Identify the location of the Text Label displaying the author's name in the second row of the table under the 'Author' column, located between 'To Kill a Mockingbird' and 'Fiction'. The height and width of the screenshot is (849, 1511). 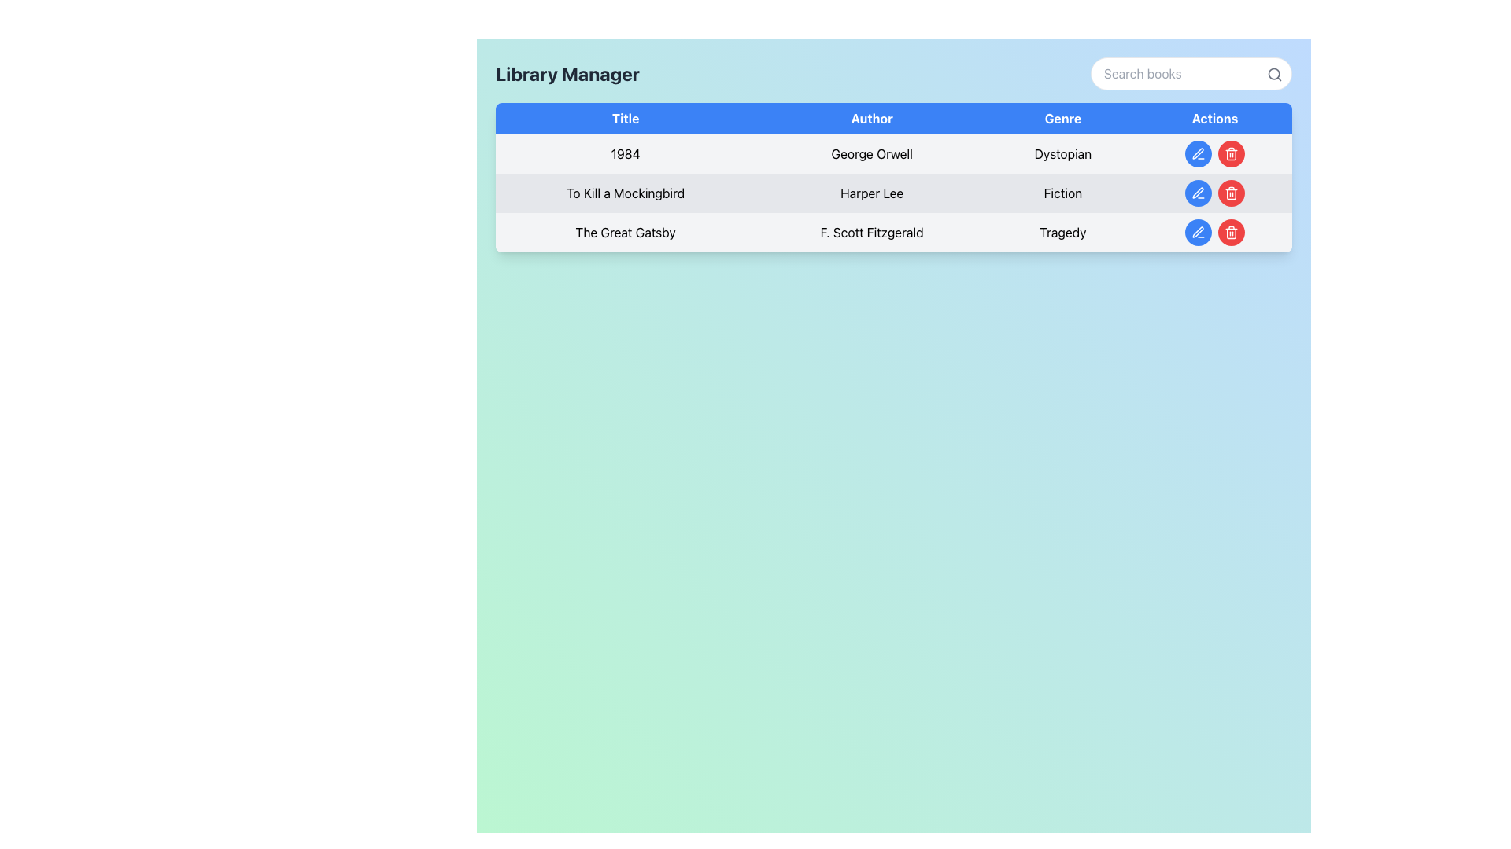
(871, 193).